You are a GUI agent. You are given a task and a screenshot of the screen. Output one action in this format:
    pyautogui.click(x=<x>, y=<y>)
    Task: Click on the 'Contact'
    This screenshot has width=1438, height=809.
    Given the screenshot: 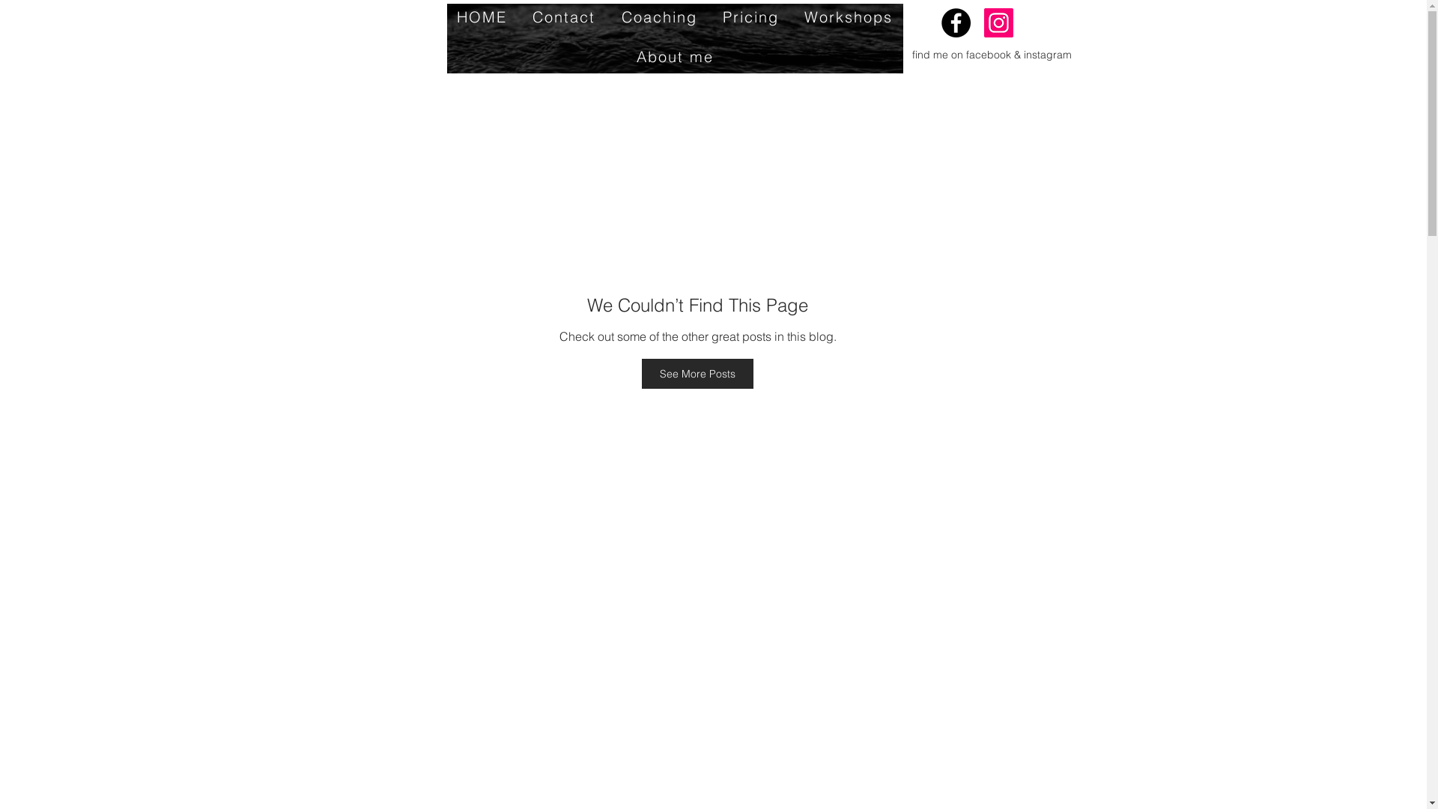 What is the action you would take?
    pyautogui.click(x=563, y=16)
    